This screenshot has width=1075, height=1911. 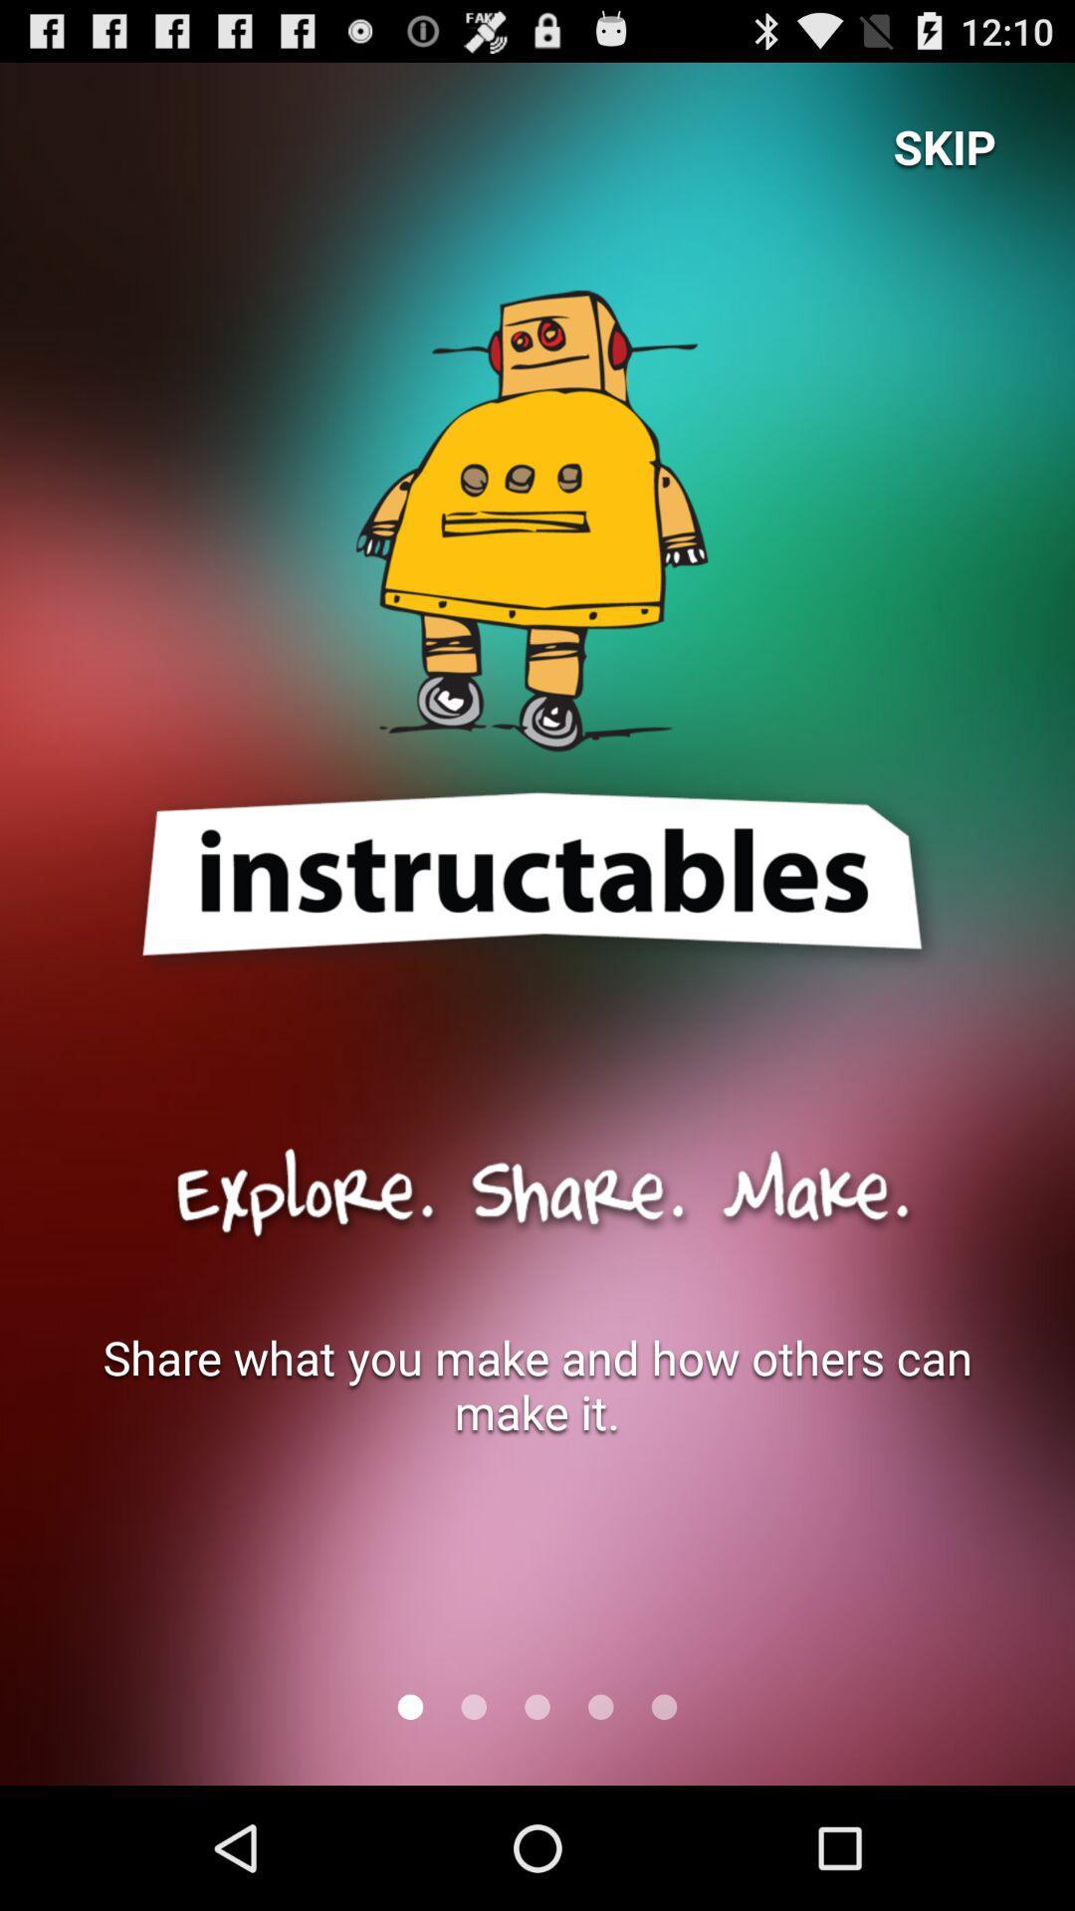 What do you see at coordinates (944, 145) in the screenshot?
I see `item at the top right corner` at bounding box center [944, 145].